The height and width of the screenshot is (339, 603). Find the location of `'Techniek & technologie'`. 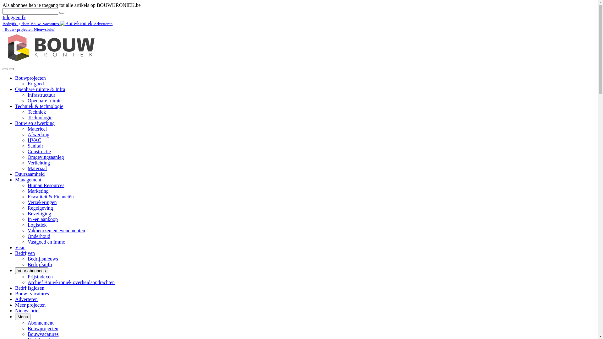

'Techniek & technologie' is located at coordinates (39, 106).